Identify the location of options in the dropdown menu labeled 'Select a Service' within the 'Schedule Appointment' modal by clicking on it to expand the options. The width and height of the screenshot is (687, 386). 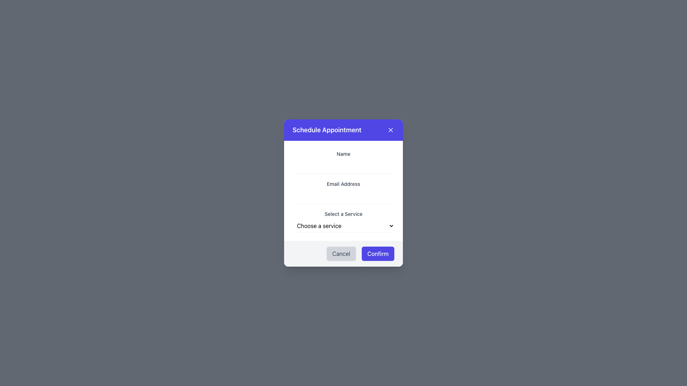
(343, 226).